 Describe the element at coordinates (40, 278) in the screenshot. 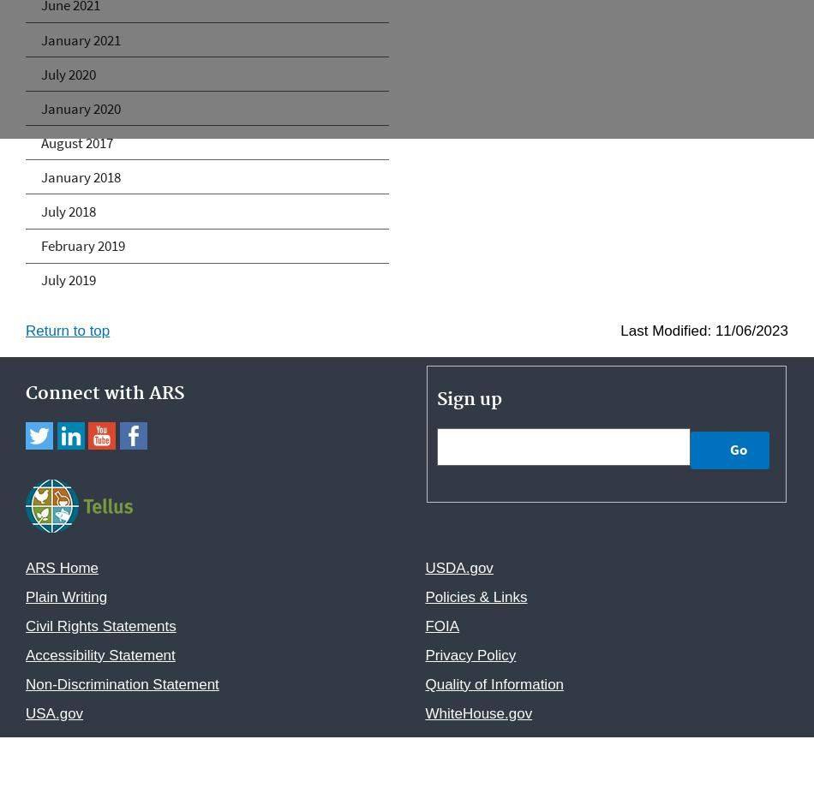

I see `'July 2019'` at that location.